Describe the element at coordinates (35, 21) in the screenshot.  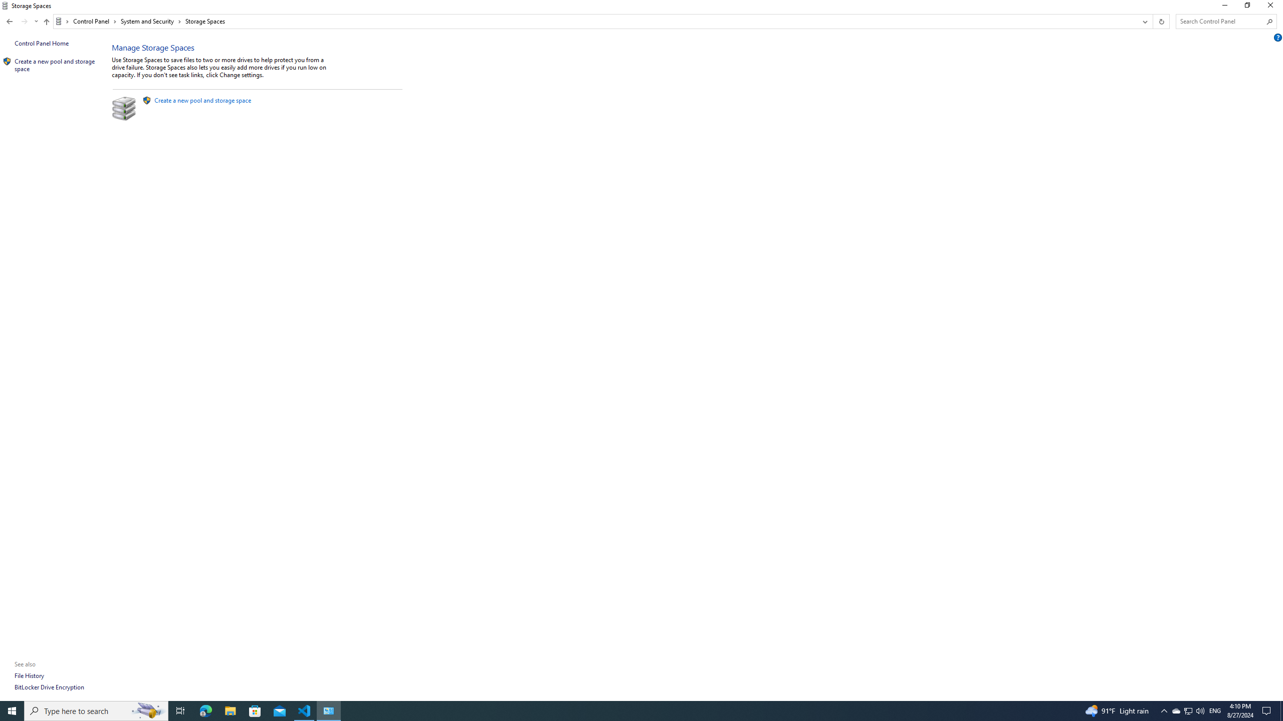
I see `'Recent locations'` at that location.